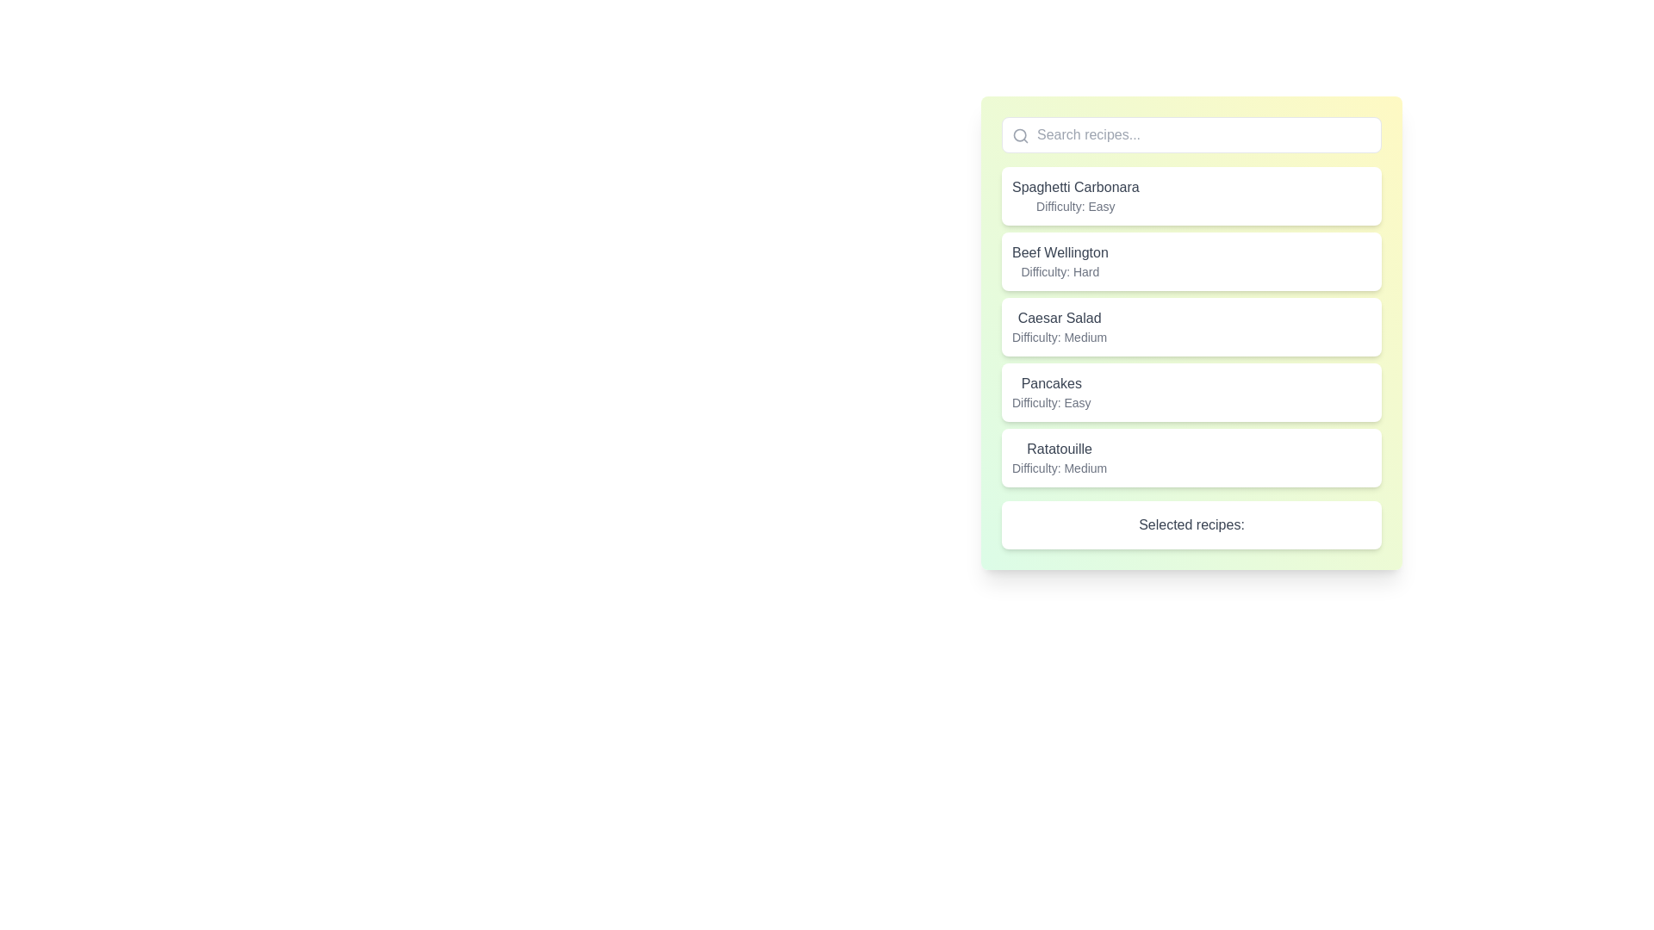 This screenshot has height=930, width=1654. Describe the element at coordinates (1059, 327) in the screenshot. I see `the 'Caesar Salad' text label, which is part of the third recipe card in a vertically stacked list, displaying 'Difficulty: Medium' below it` at that location.